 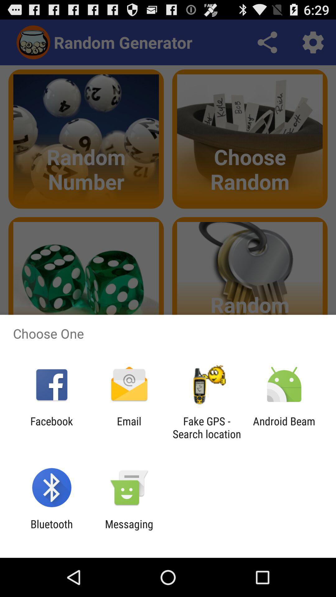 I want to click on the app to the left of the messaging item, so click(x=51, y=530).